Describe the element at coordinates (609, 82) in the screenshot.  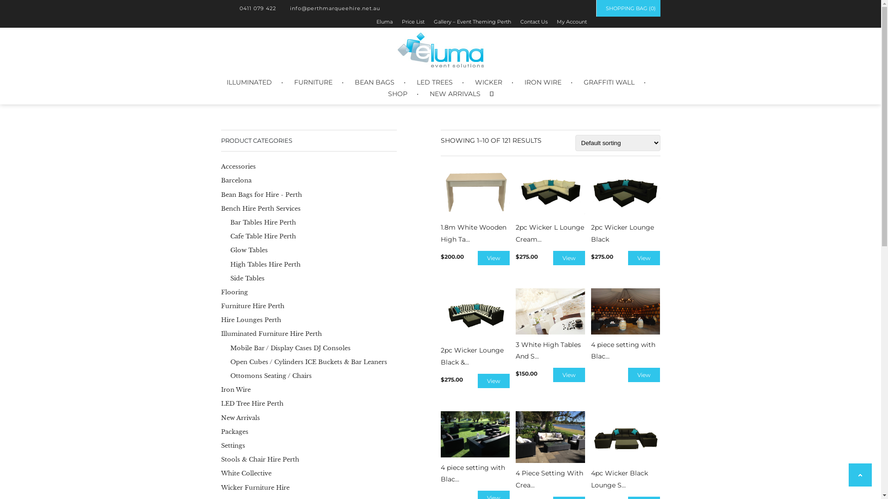
I see `'GRAFFITI WALL'` at that location.